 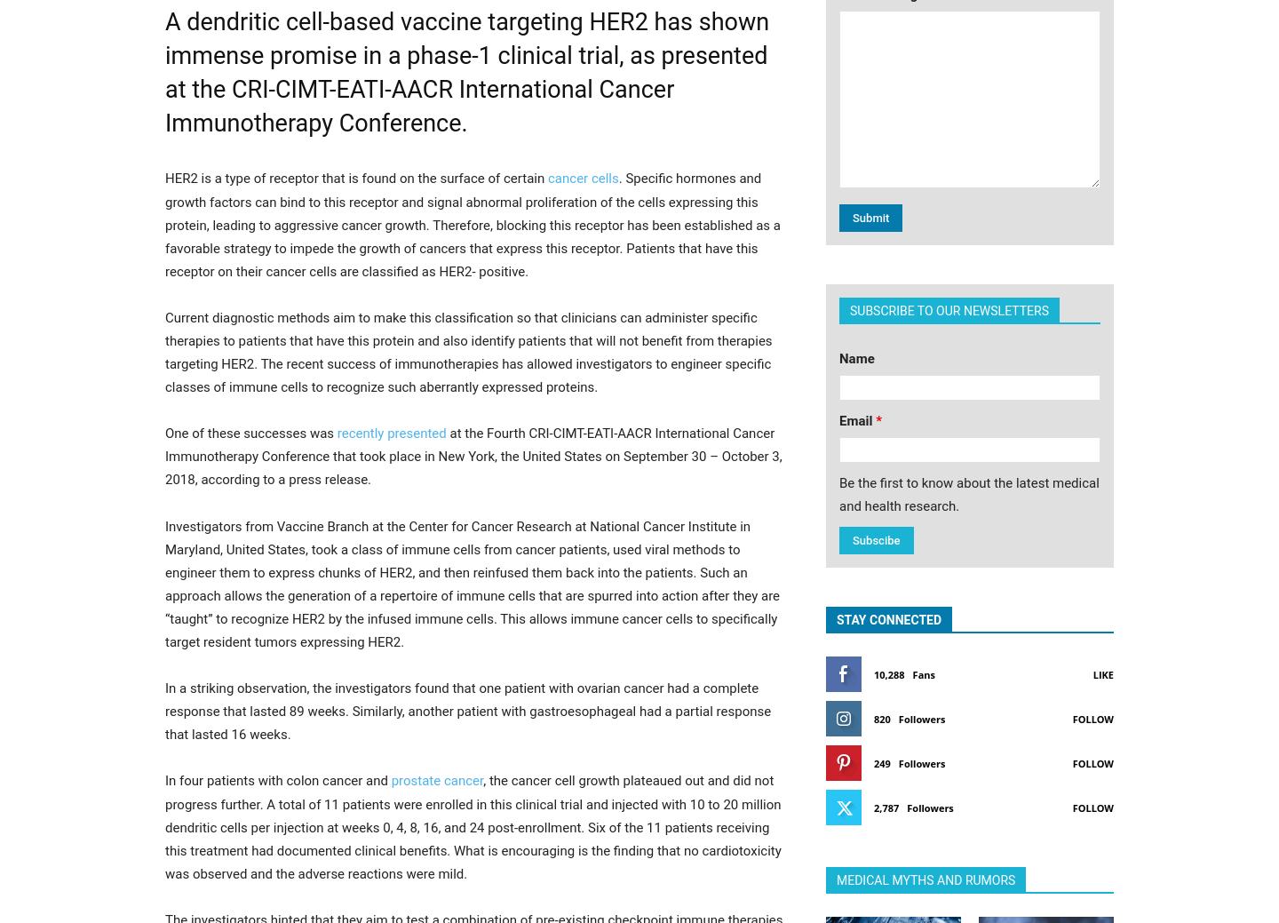 I want to click on '249', so click(x=881, y=762).